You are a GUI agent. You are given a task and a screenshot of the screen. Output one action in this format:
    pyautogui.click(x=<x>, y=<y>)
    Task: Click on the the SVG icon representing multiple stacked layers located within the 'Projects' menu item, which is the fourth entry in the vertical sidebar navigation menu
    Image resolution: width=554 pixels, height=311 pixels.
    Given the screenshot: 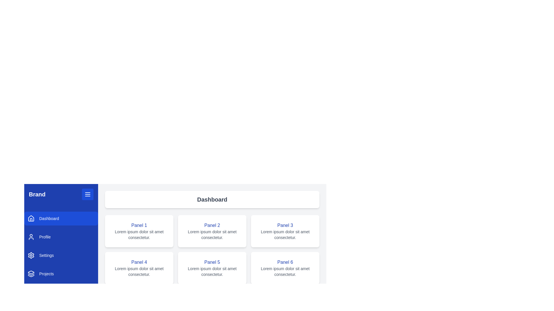 What is the action you would take?
    pyautogui.click(x=31, y=274)
    